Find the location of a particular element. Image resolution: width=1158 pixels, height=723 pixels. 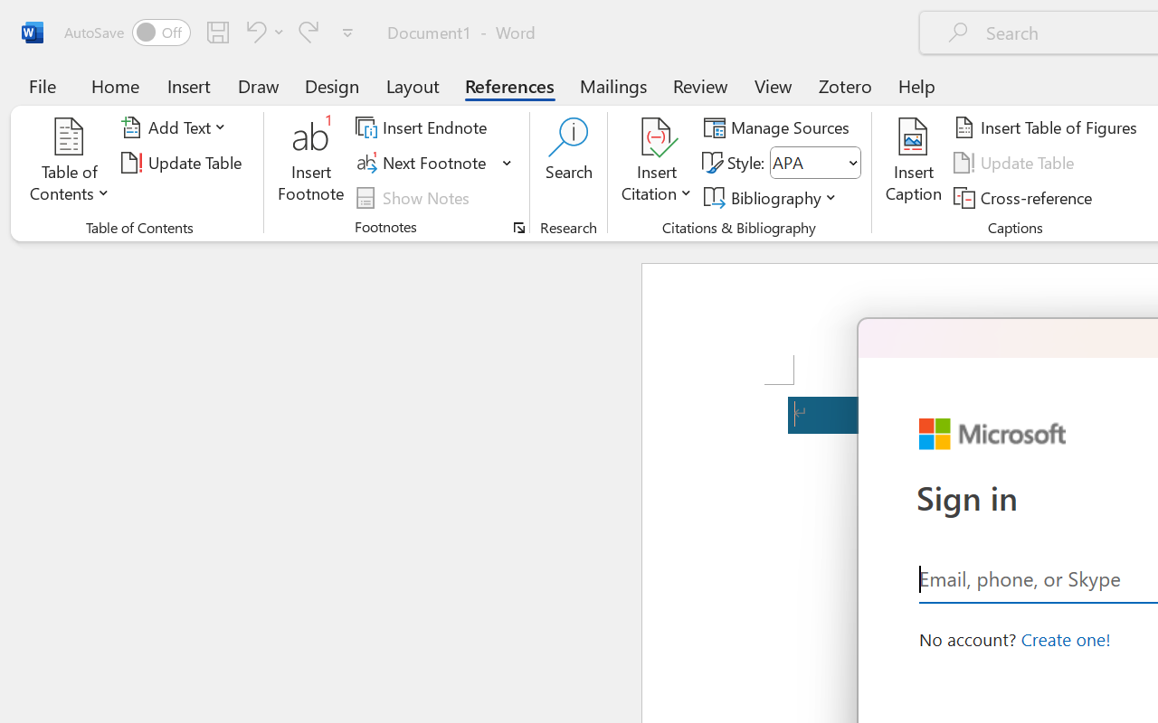

'Redo Apply Quick Style' is located at coordinates (308, 31).